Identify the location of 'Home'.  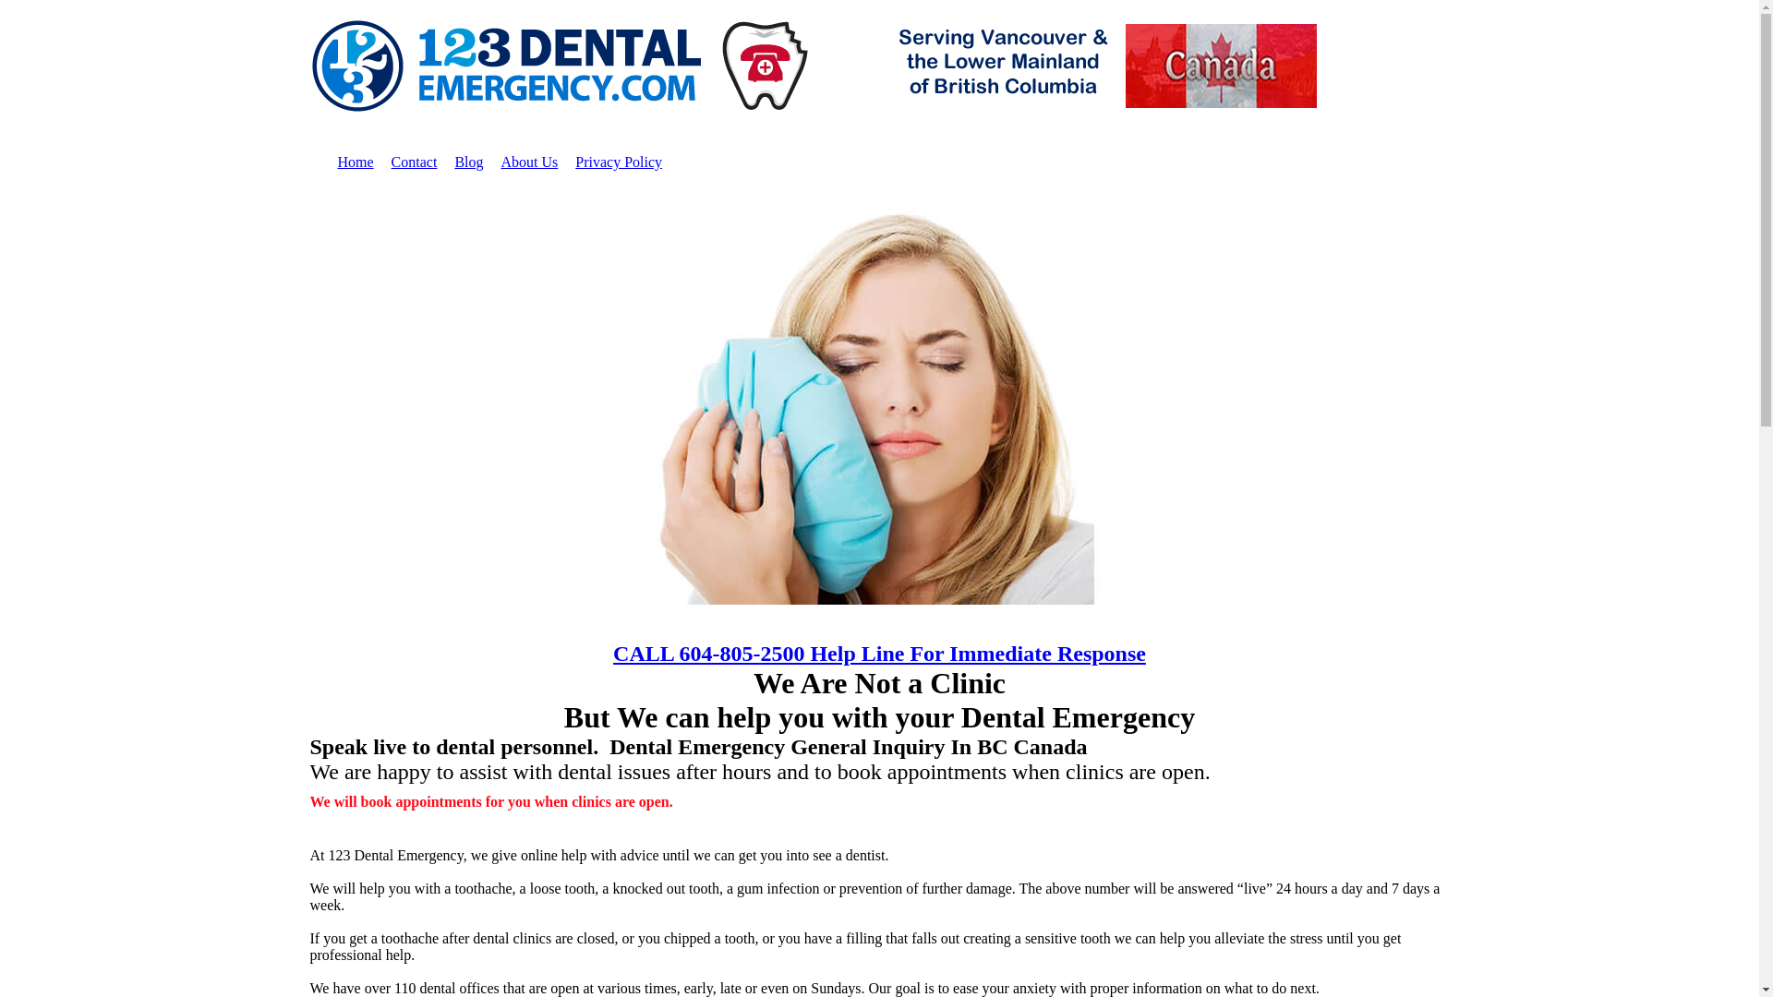
(356, 161).